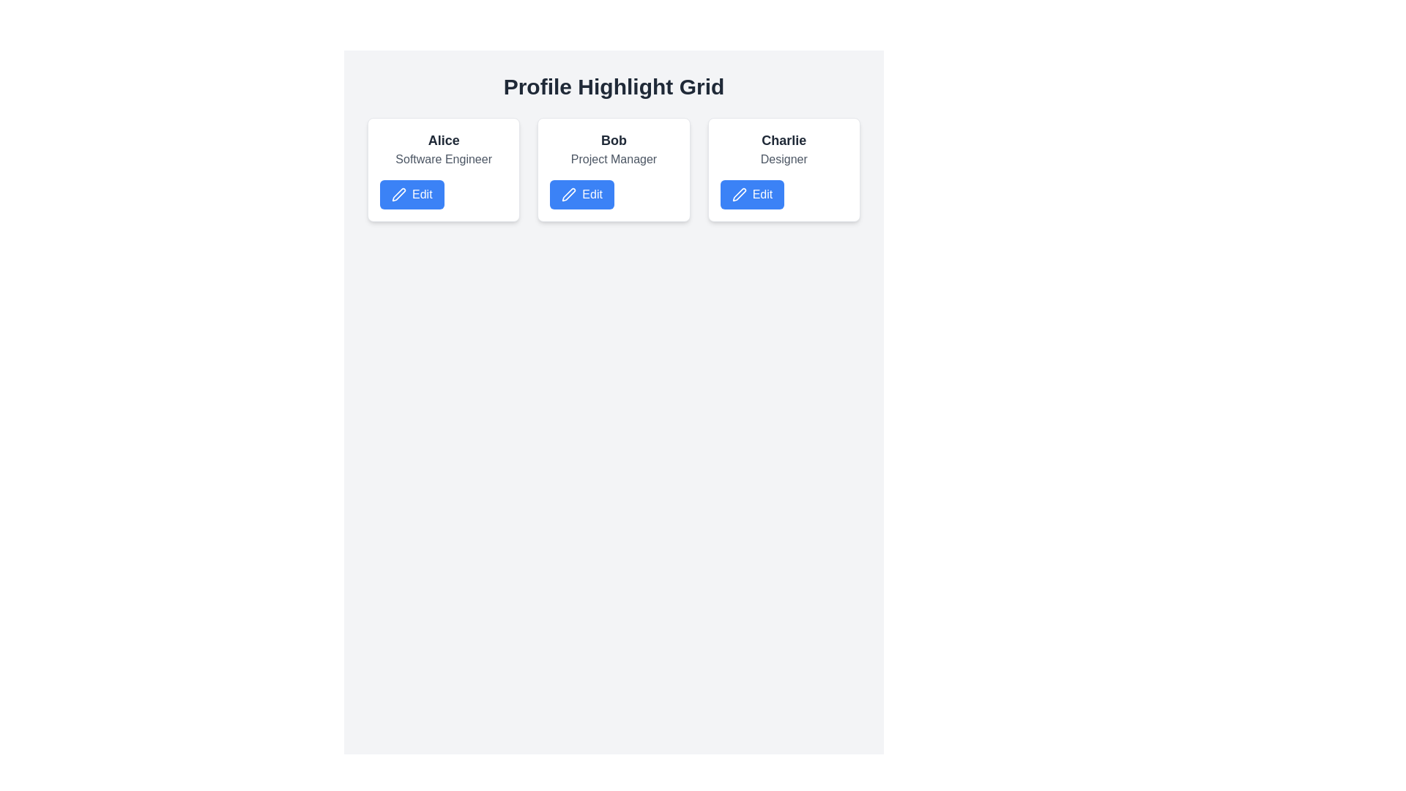  What do you see at coordinates (762, 194) in the screenshot?
I see `the text label reading 'Edit' which is styled in white on a blue background, located on the right side of a pen icon within the button interface in the third card under the profile 'Charlie'` at bounding box center [762, 194].